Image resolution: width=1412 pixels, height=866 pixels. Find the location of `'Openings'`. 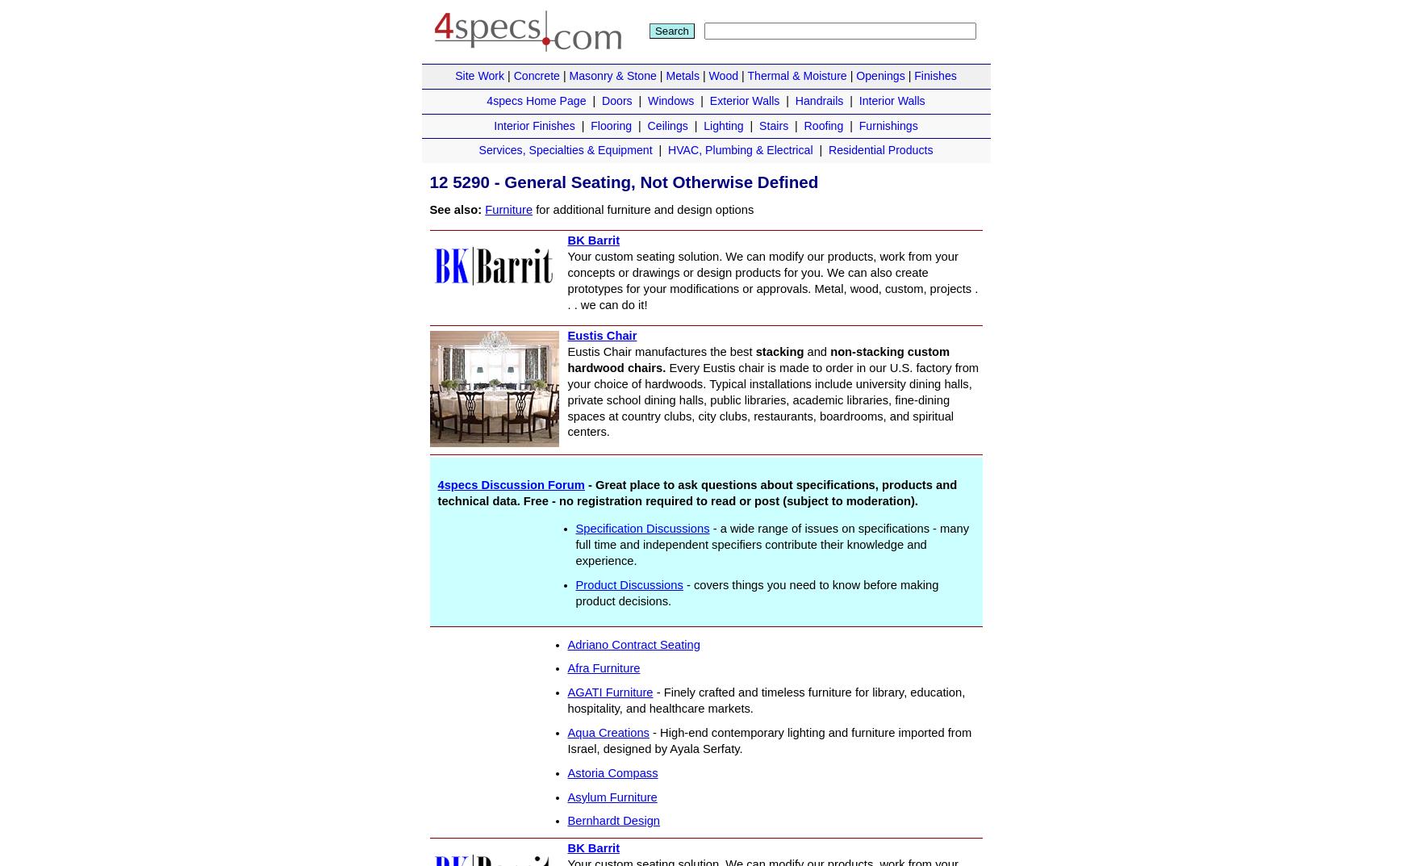

'Openings' is located at coordinates (855, 75).